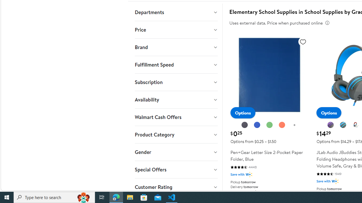 This screenshot has width=362, height=203. What do you see at coordinates (176, 64) in the screenshot?
I see `'Fulfillment Speed'` at bounding box center [176, 64].